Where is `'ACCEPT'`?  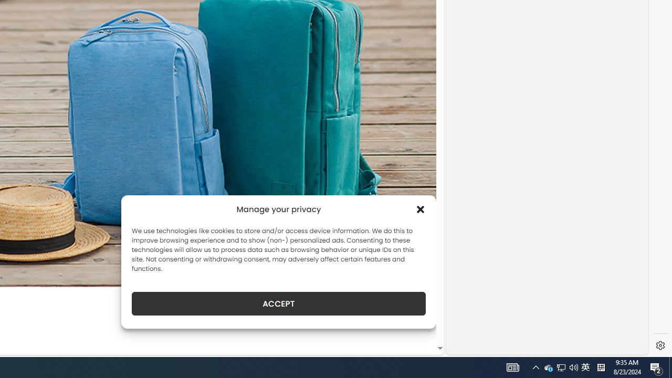
'ACCEPT' is located at coordinates (279, 303).